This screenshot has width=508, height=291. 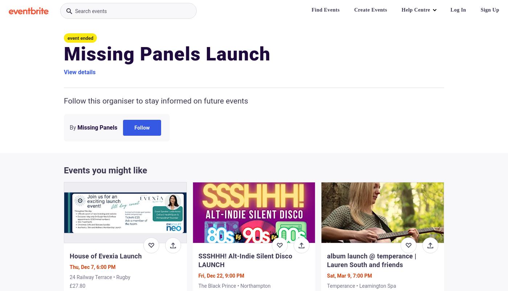 What do you see at coordinates (325, 10) in the screenshot?
I see `'Find Events'` at bounding box center [325, 10].